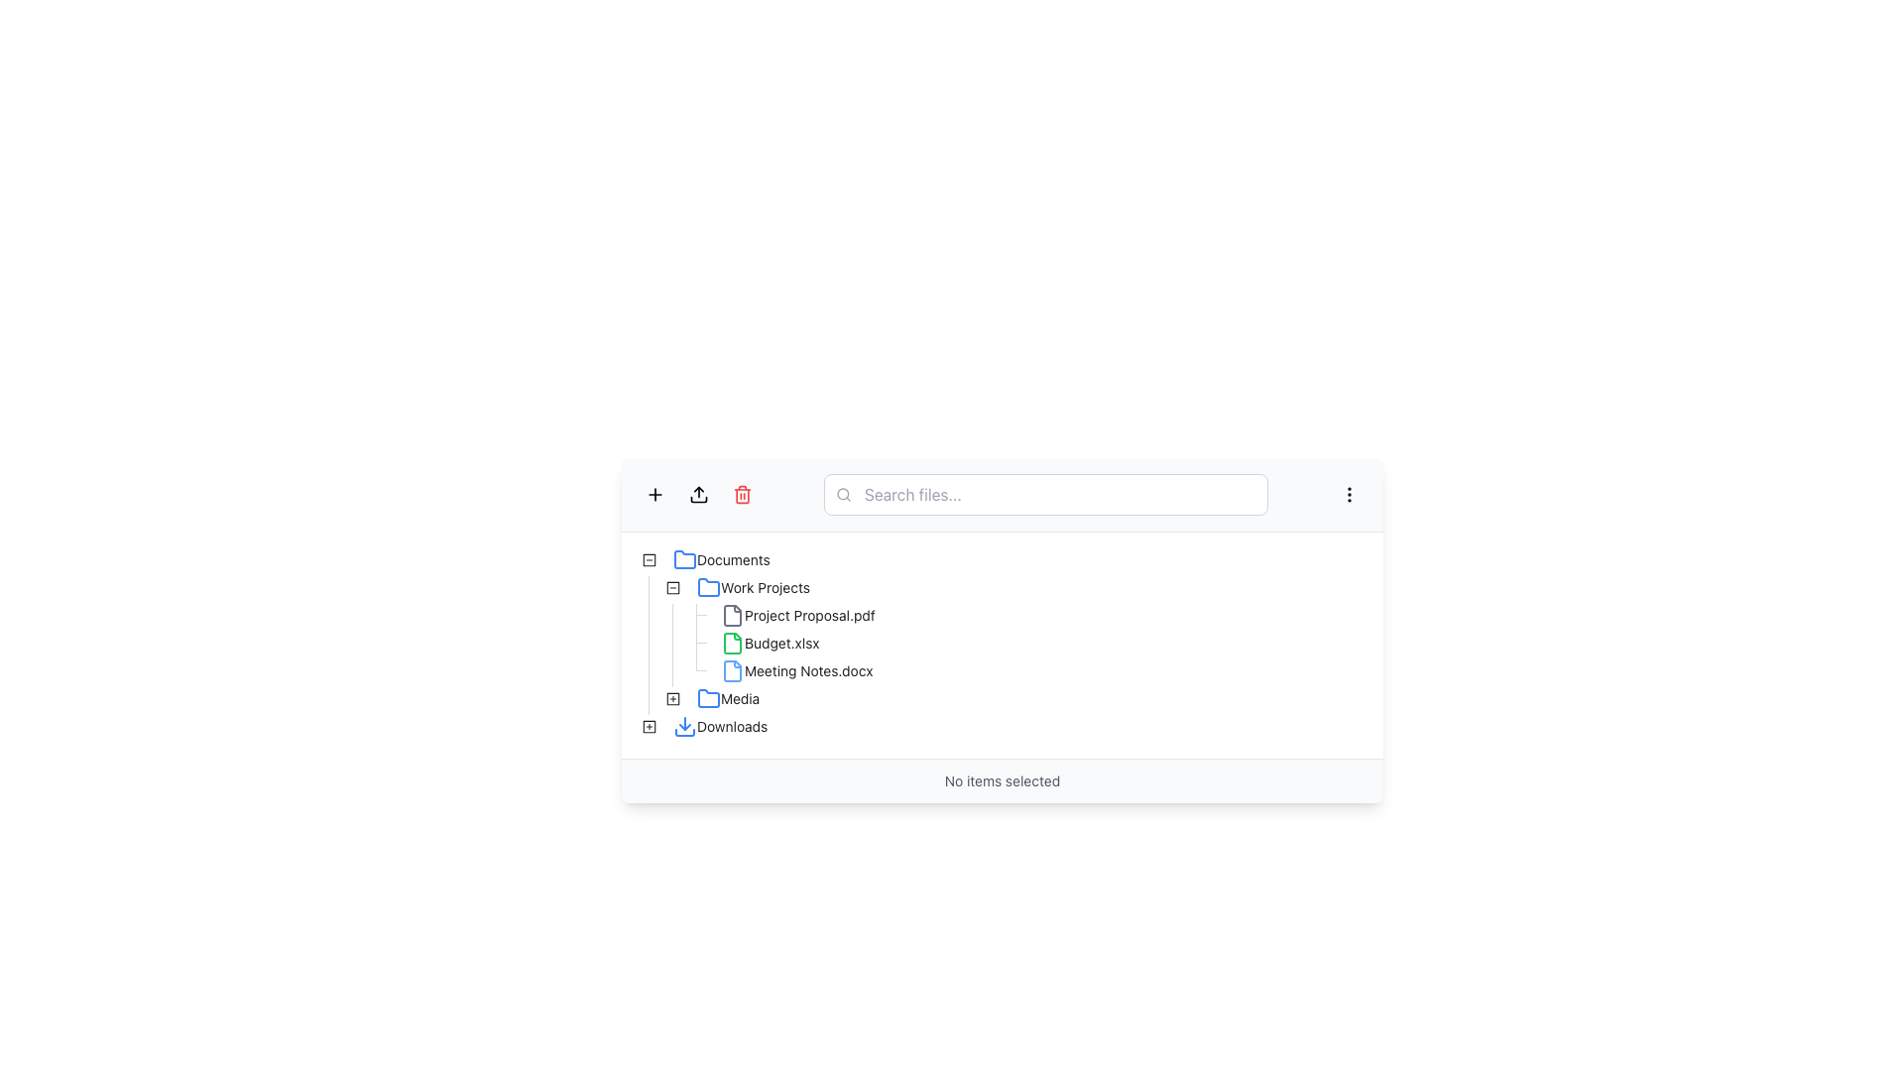  What do you see at coordinates (696, 615) in the screenshot?
I see `the Switcher indicator for the tree item in 'Project Proposal.pdf', which signifies that the item is non-expandable and does not contain children` at bounding box center [696, 615].